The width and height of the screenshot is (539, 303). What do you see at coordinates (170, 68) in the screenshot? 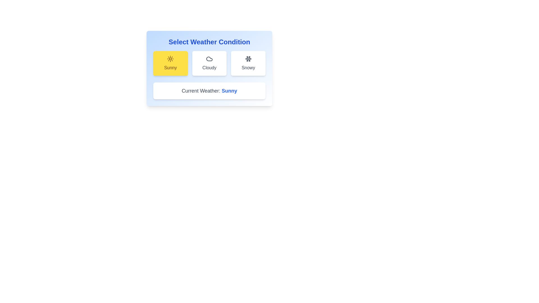
I see `to select the weather condition labeled 'Sunny' on the yellow rectangular card, which is the first card in a row of three weather condition cards` at bounding box center [170, 68].